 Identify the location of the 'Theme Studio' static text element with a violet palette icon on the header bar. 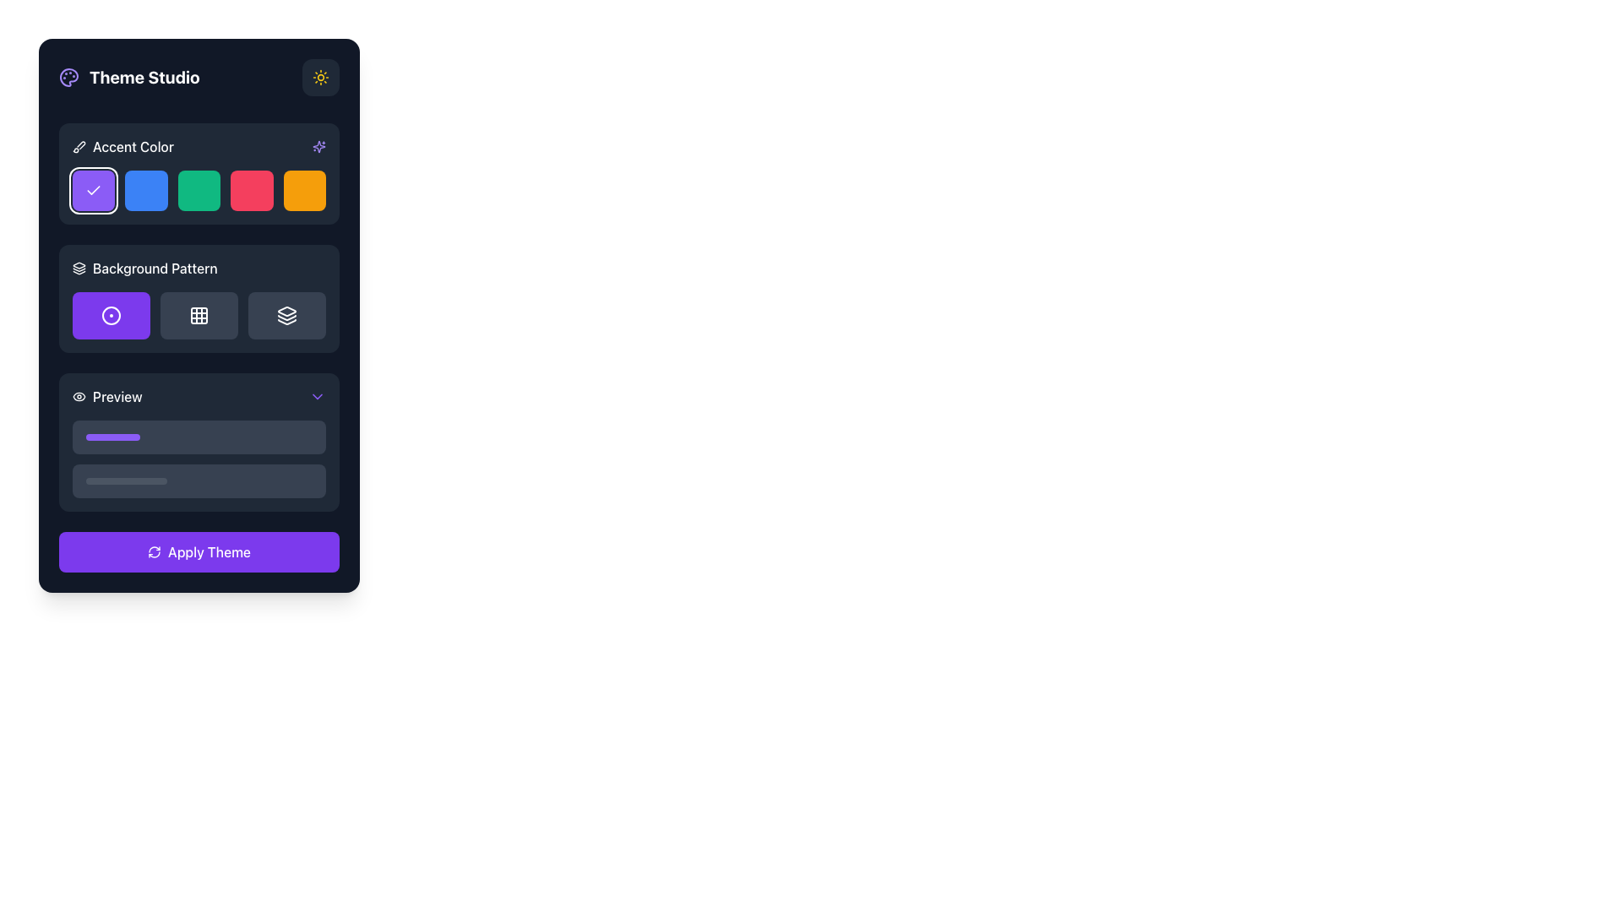
(128, 78).